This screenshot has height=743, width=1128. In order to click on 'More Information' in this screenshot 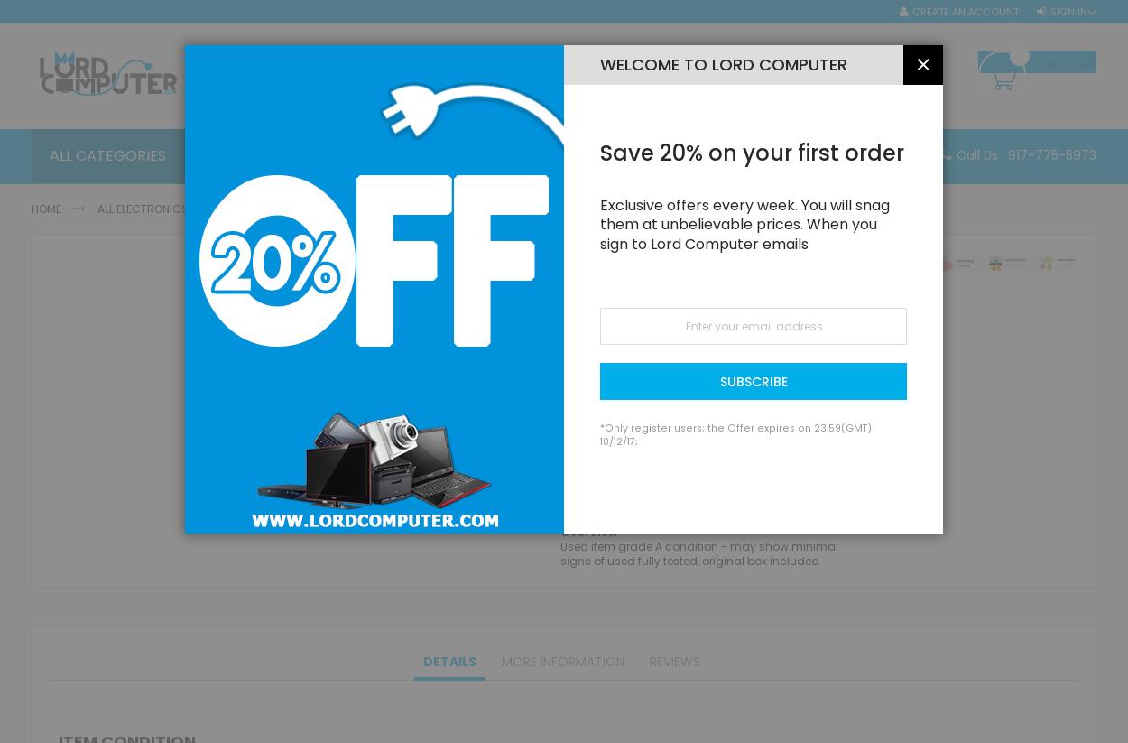, I will do `click(562, 661)`.